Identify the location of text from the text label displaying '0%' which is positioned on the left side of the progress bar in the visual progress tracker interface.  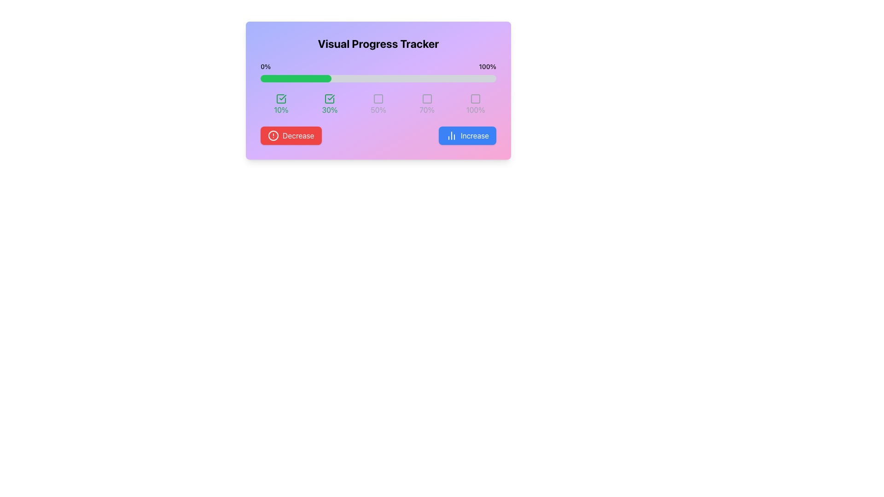
(265, 66).